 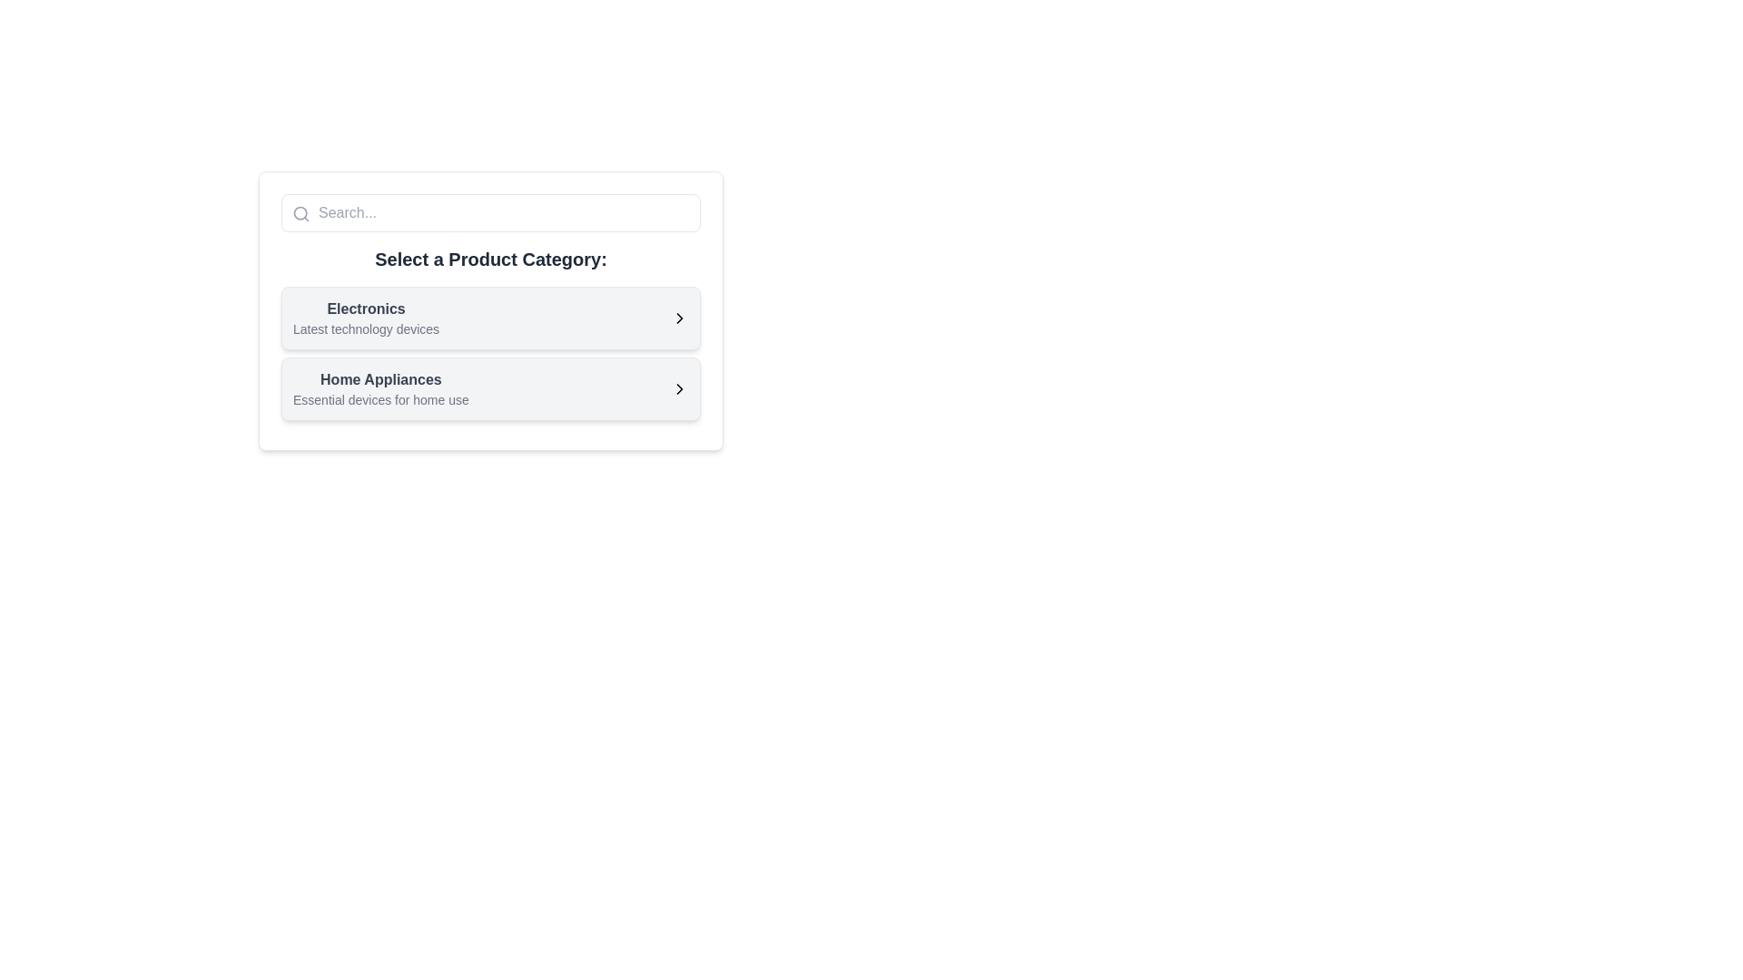 I want to click on the 'Home Appliances' card, which is the second card in the list under 'Select a Product Category', so click(x=491, y=387).